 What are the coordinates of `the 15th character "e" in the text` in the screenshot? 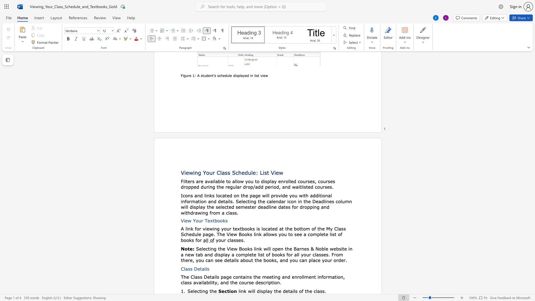 It's located at (187, 260).